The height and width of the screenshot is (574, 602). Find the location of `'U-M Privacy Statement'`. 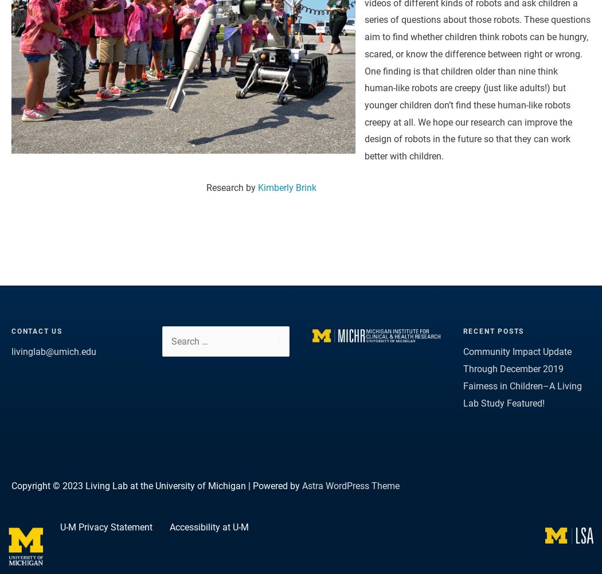

'U-M Privacy Statement' is located at coordinates (60, 527).